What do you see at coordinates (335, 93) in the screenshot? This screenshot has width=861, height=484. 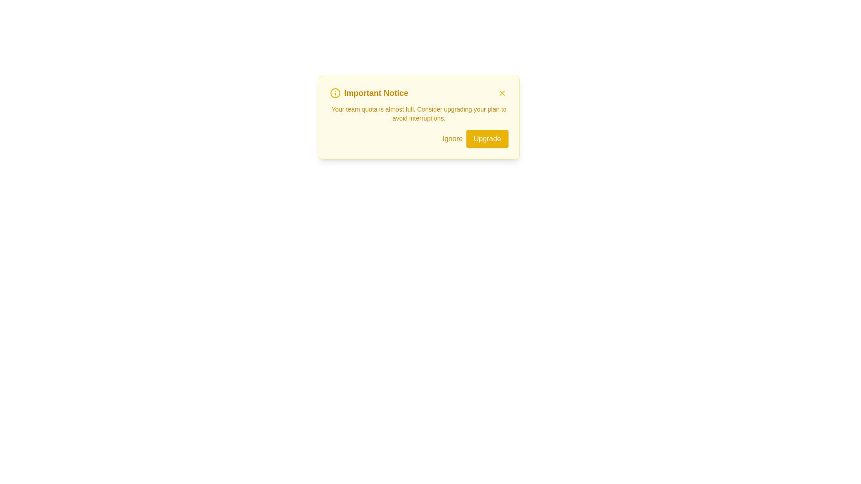 I see `icon located to the left of the notice title 'Important Notice' in the notification header for its details` at bounding box center [335, 93].